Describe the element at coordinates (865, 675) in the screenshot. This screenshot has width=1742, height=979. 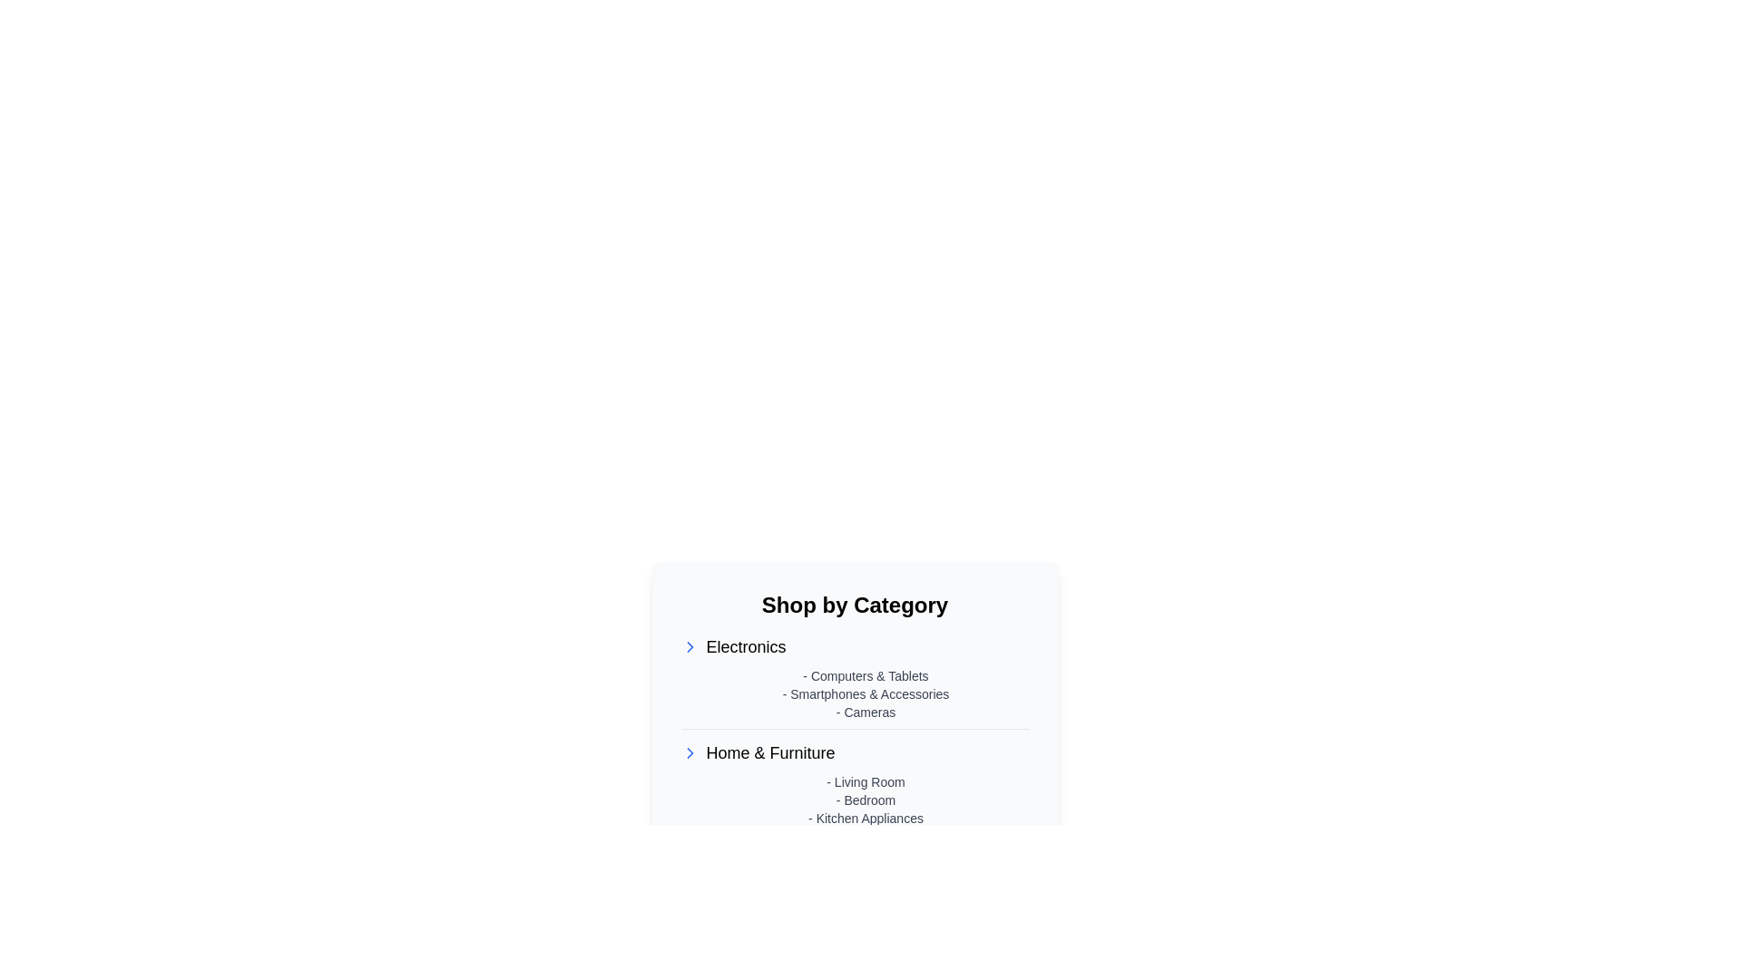
I see `the text label displaying '- Computers & Tablets'` at that location.